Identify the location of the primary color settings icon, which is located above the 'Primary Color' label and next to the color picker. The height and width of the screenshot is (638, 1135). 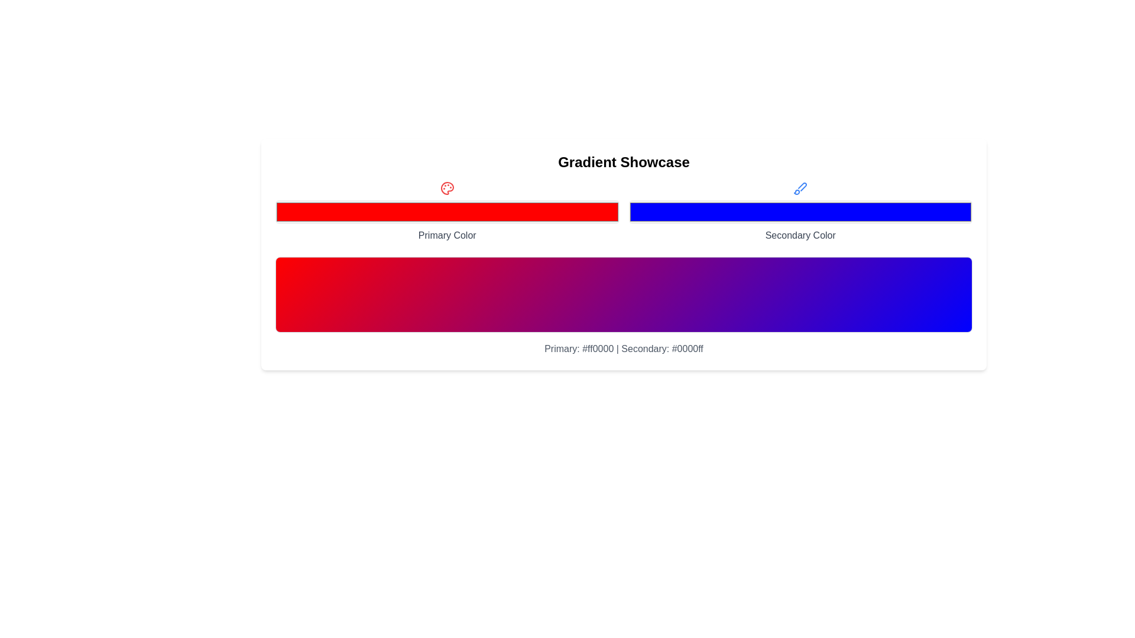
(446, 188).